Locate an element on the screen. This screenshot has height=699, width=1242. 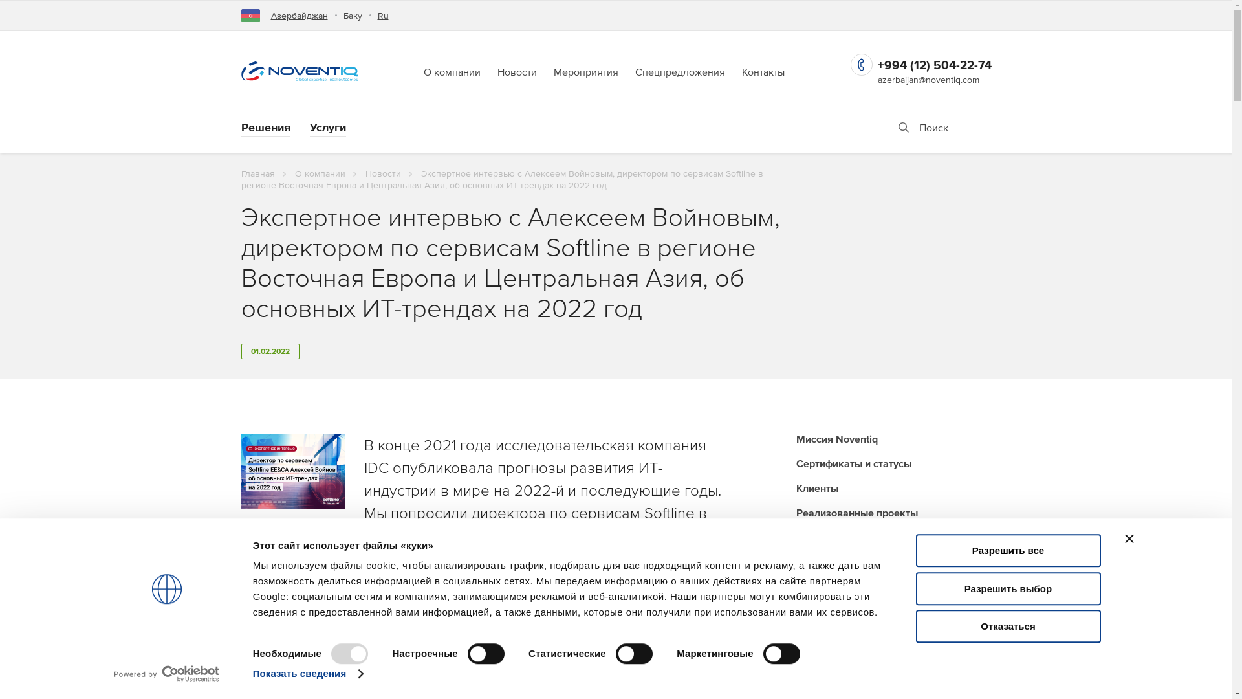
'+994 (12) 504-22-74' is located at coordinates (934, 65).